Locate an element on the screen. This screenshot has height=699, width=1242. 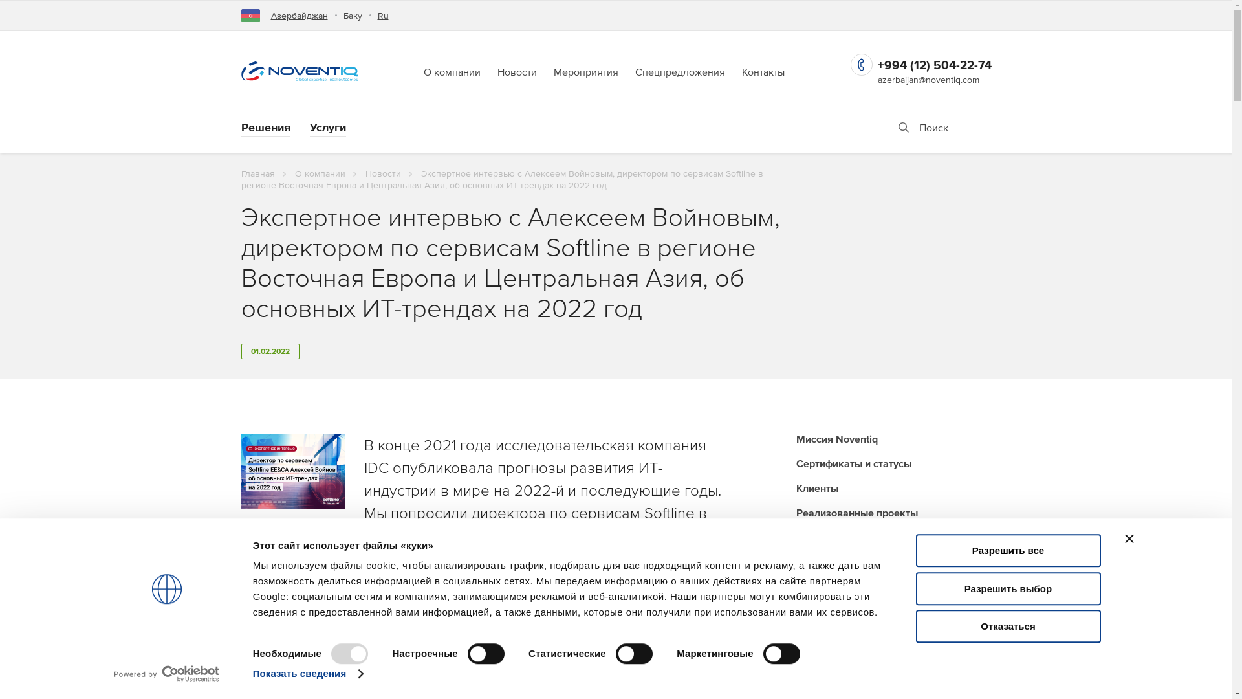
'+994 (12) 504-22-74' is located at coordinates (934, 65).